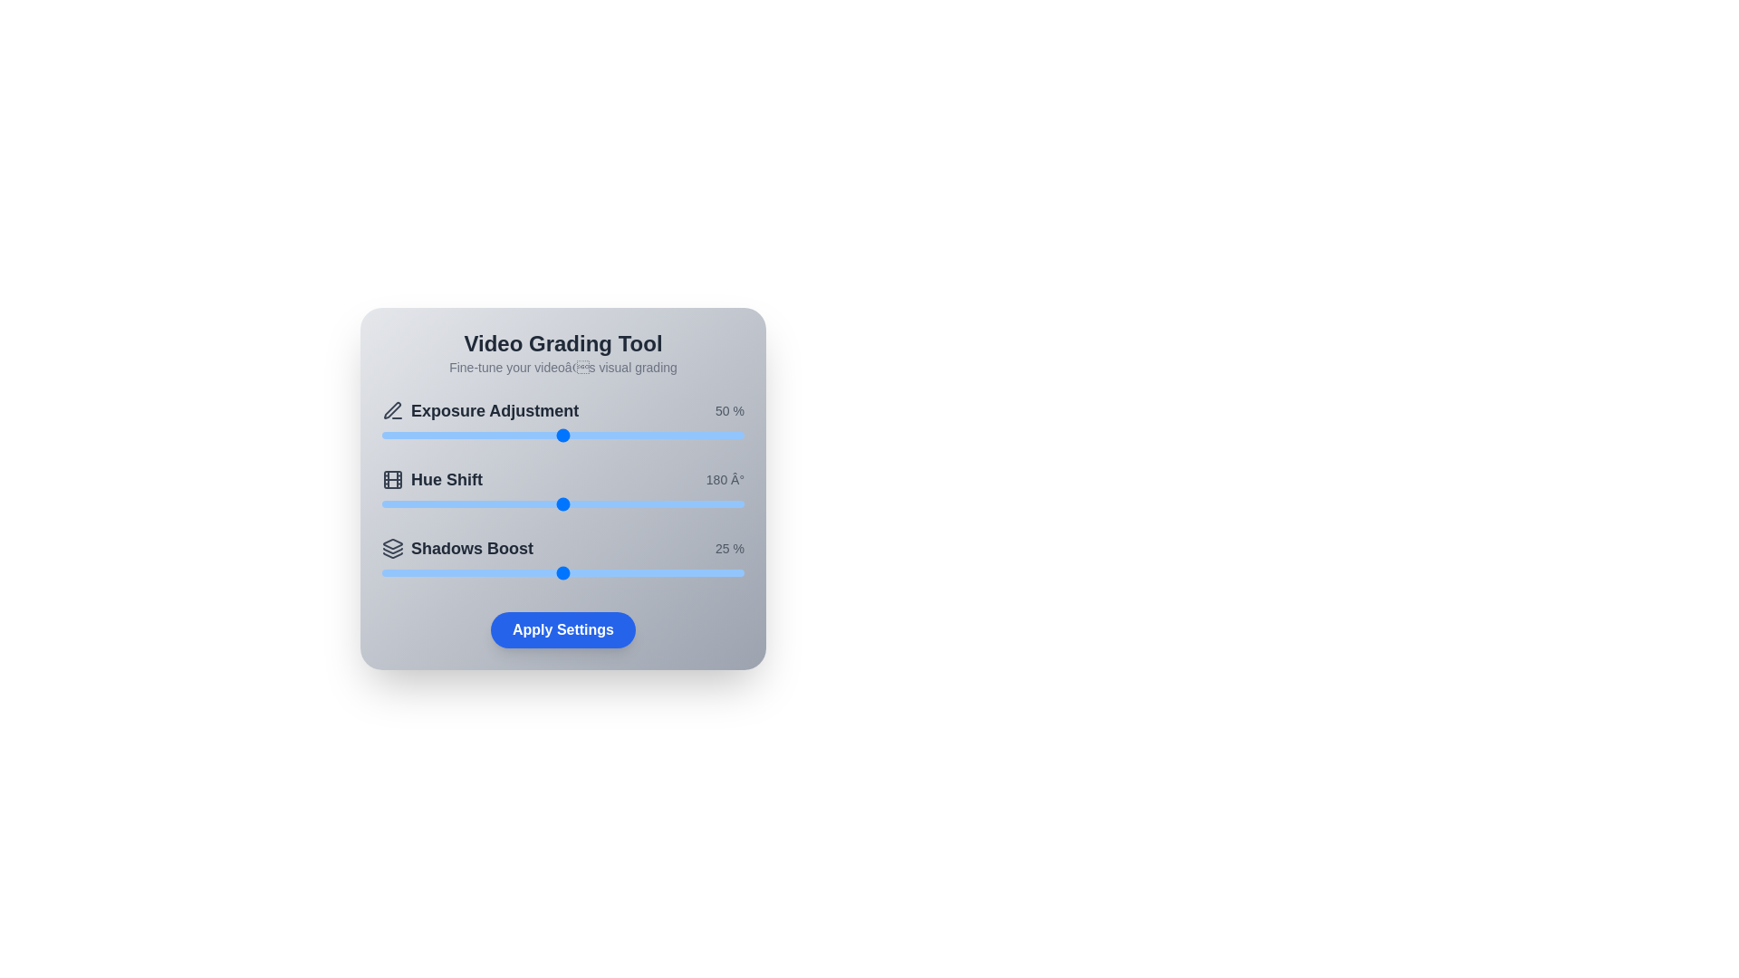 The height and width of the screenshot is (978, 1739). What do you see at coordinates (639, 436) in the screenshot?
I see `the exposure adjustment` at bounding box center [639, 436].